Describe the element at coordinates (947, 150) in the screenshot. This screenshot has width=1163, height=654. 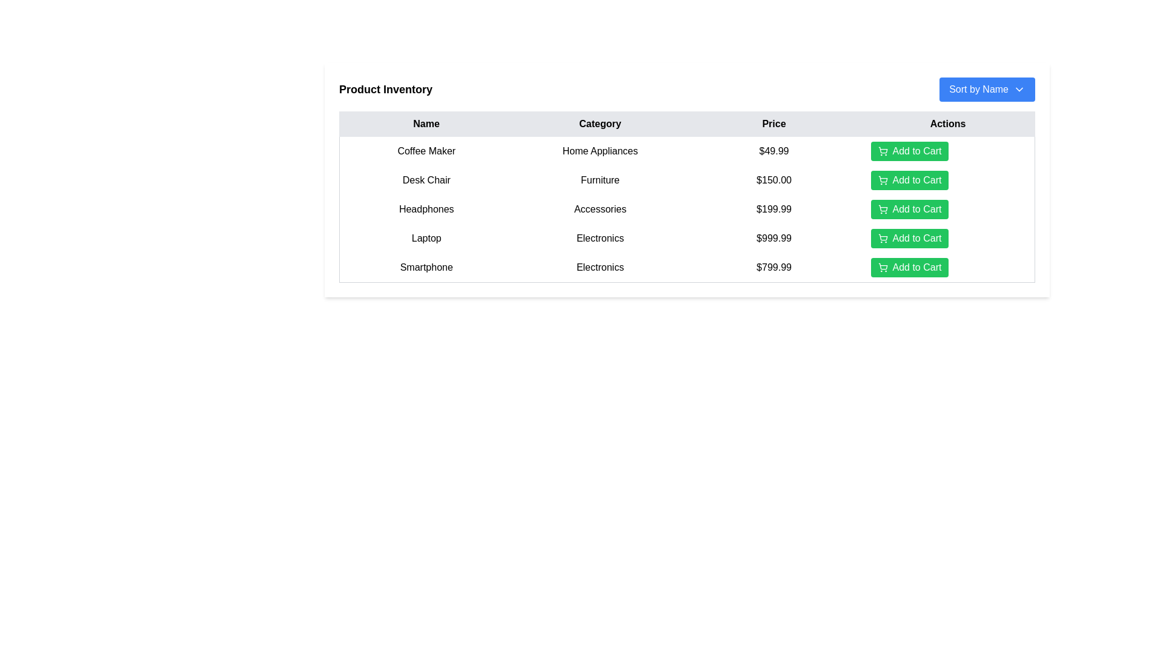
I see `the green 'Add to Cart' button with white text and a shopping cart icon, located in the last column of the first row of the table under the 'Actions' column for the product 'Coffee Maker' to observe any hover effect` at that location.